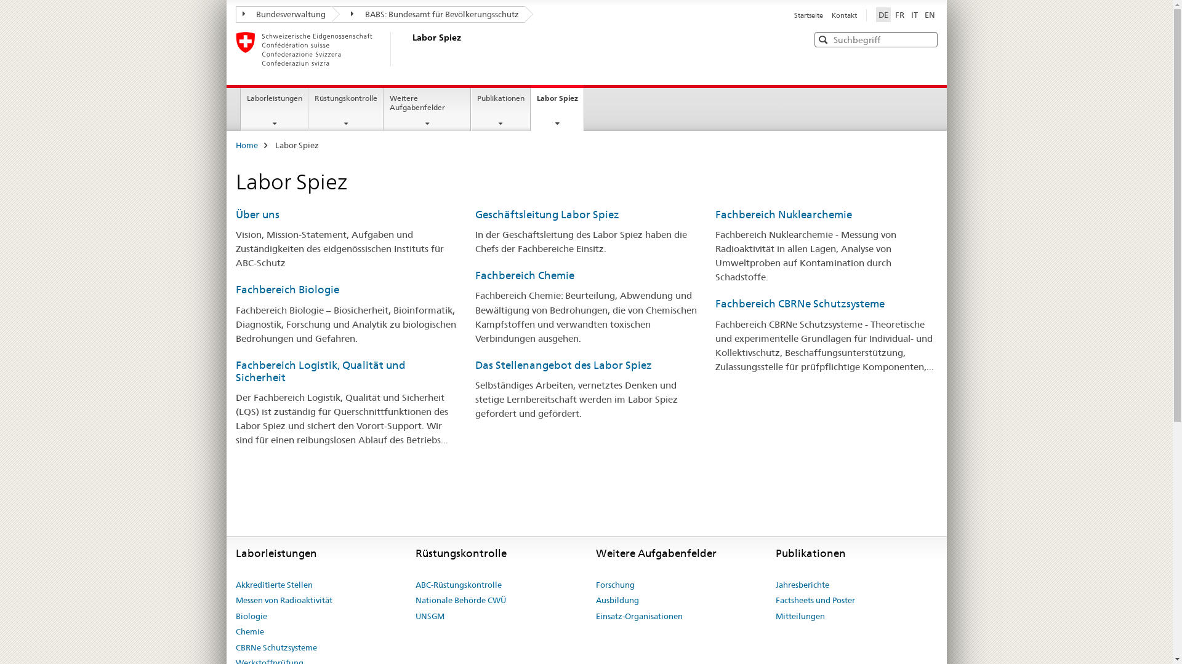  What do you see at coordinates (275, 647) in the screenshot?
I see `'CBRNe Schutzsysteme'` at bounding box center [275, 647].